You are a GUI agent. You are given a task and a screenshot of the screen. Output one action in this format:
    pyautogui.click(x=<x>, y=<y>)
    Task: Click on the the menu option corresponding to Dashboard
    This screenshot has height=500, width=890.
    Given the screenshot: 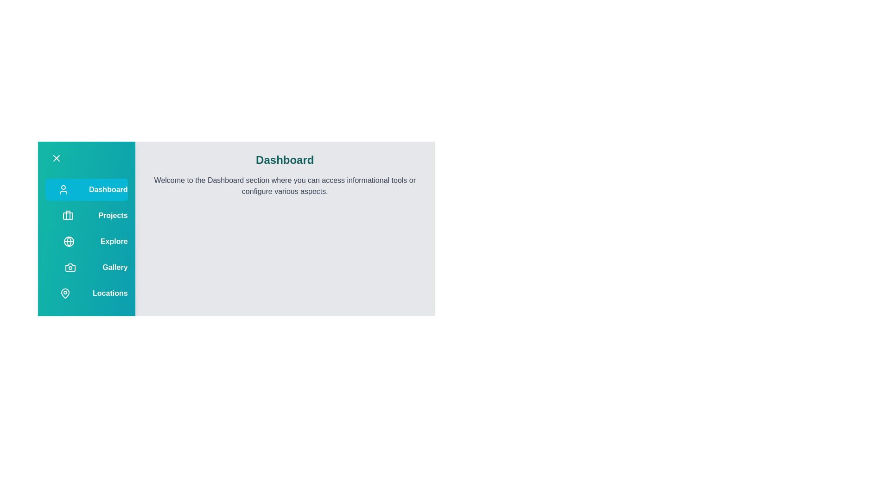 What is the action you would take?
    pyautogui.click(x=63, y=189)
    